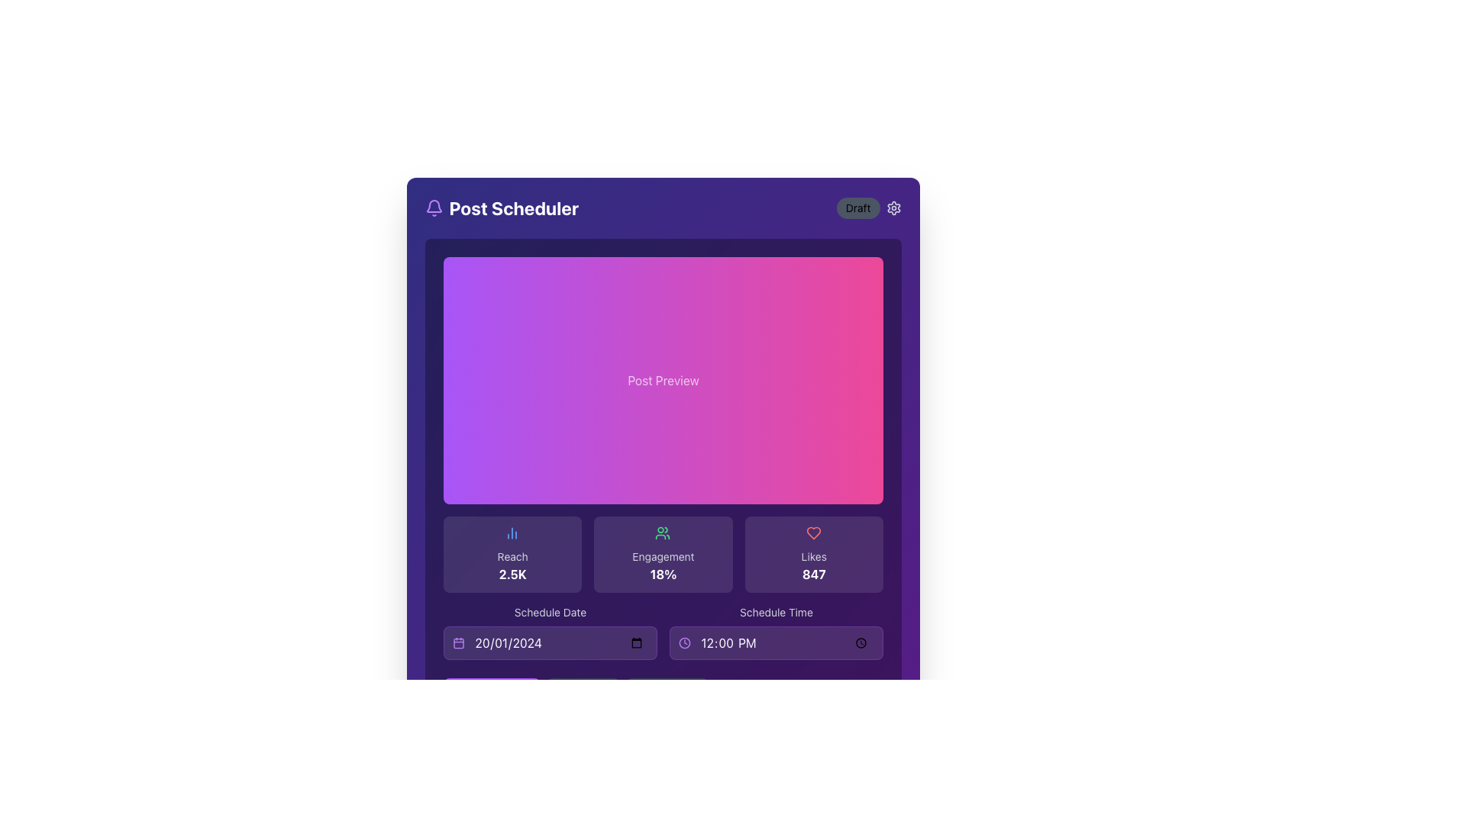 This screenshot has width=1466, height=824. What do you see at coordinates (812, 532) in the screenshot?
I see `the heart-shaped icon styled in red, which is located above the text 'Likes' and the number '847'` at bounding box center [812, 532].